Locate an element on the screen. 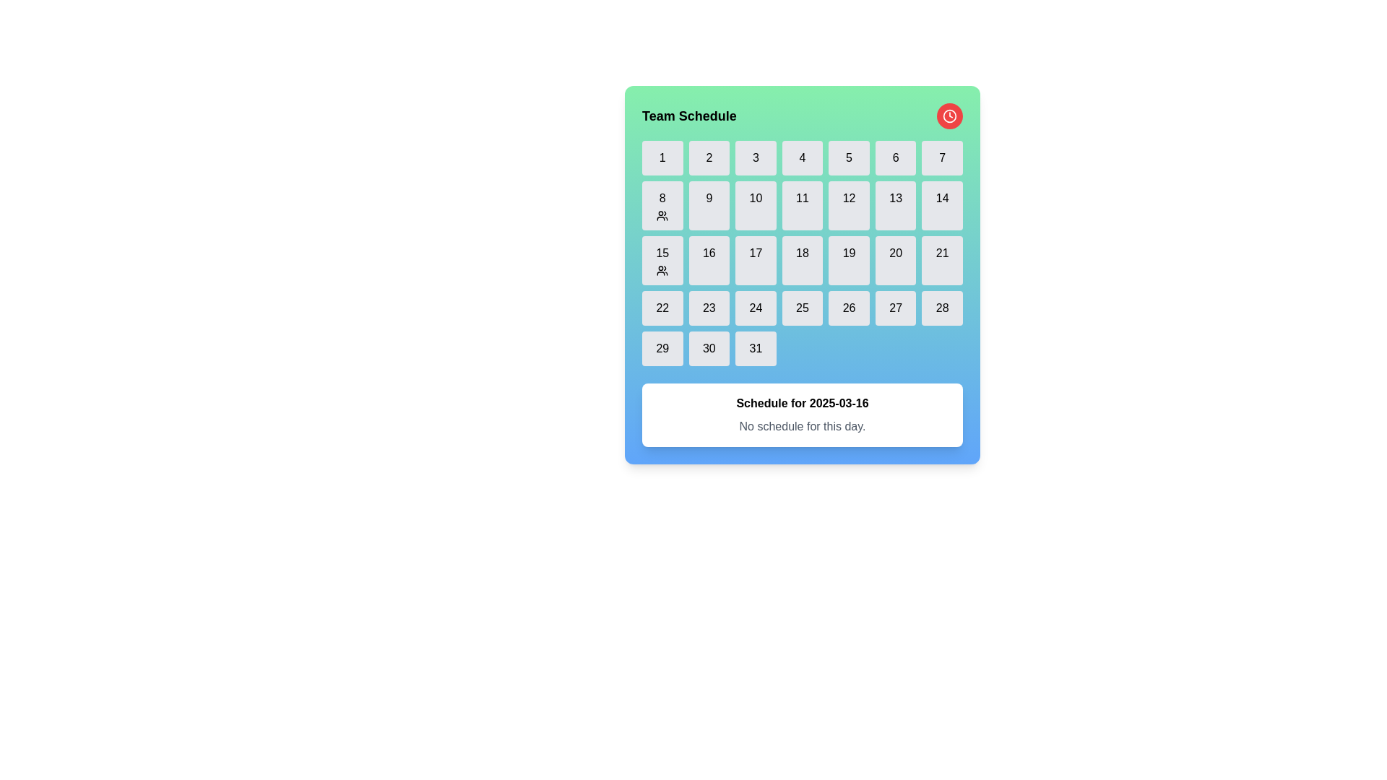 The width and height of the screenshot is (1387, 780). the button representing the selectable date '13' in the calendar interface is located at coordinates (895, 206).